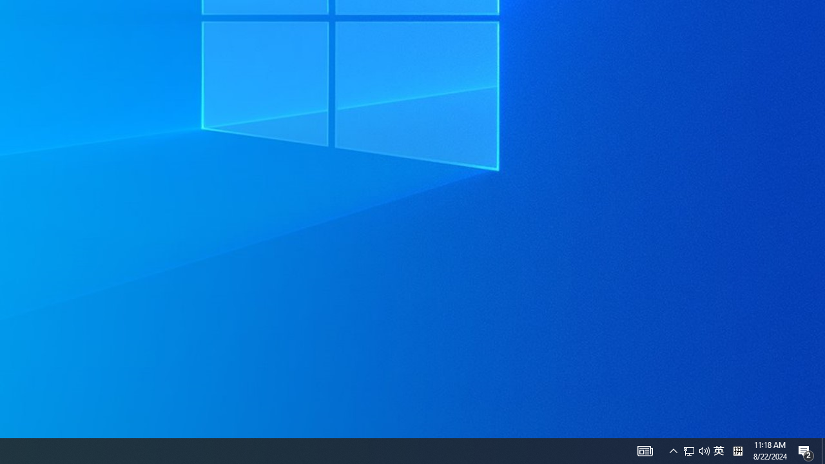  What do you see at coordinates (718, 450) in the screenshot?
I see `'Tray Input Indicator - Chinese (Simplified, China)'` at bounding box center [718, 450].